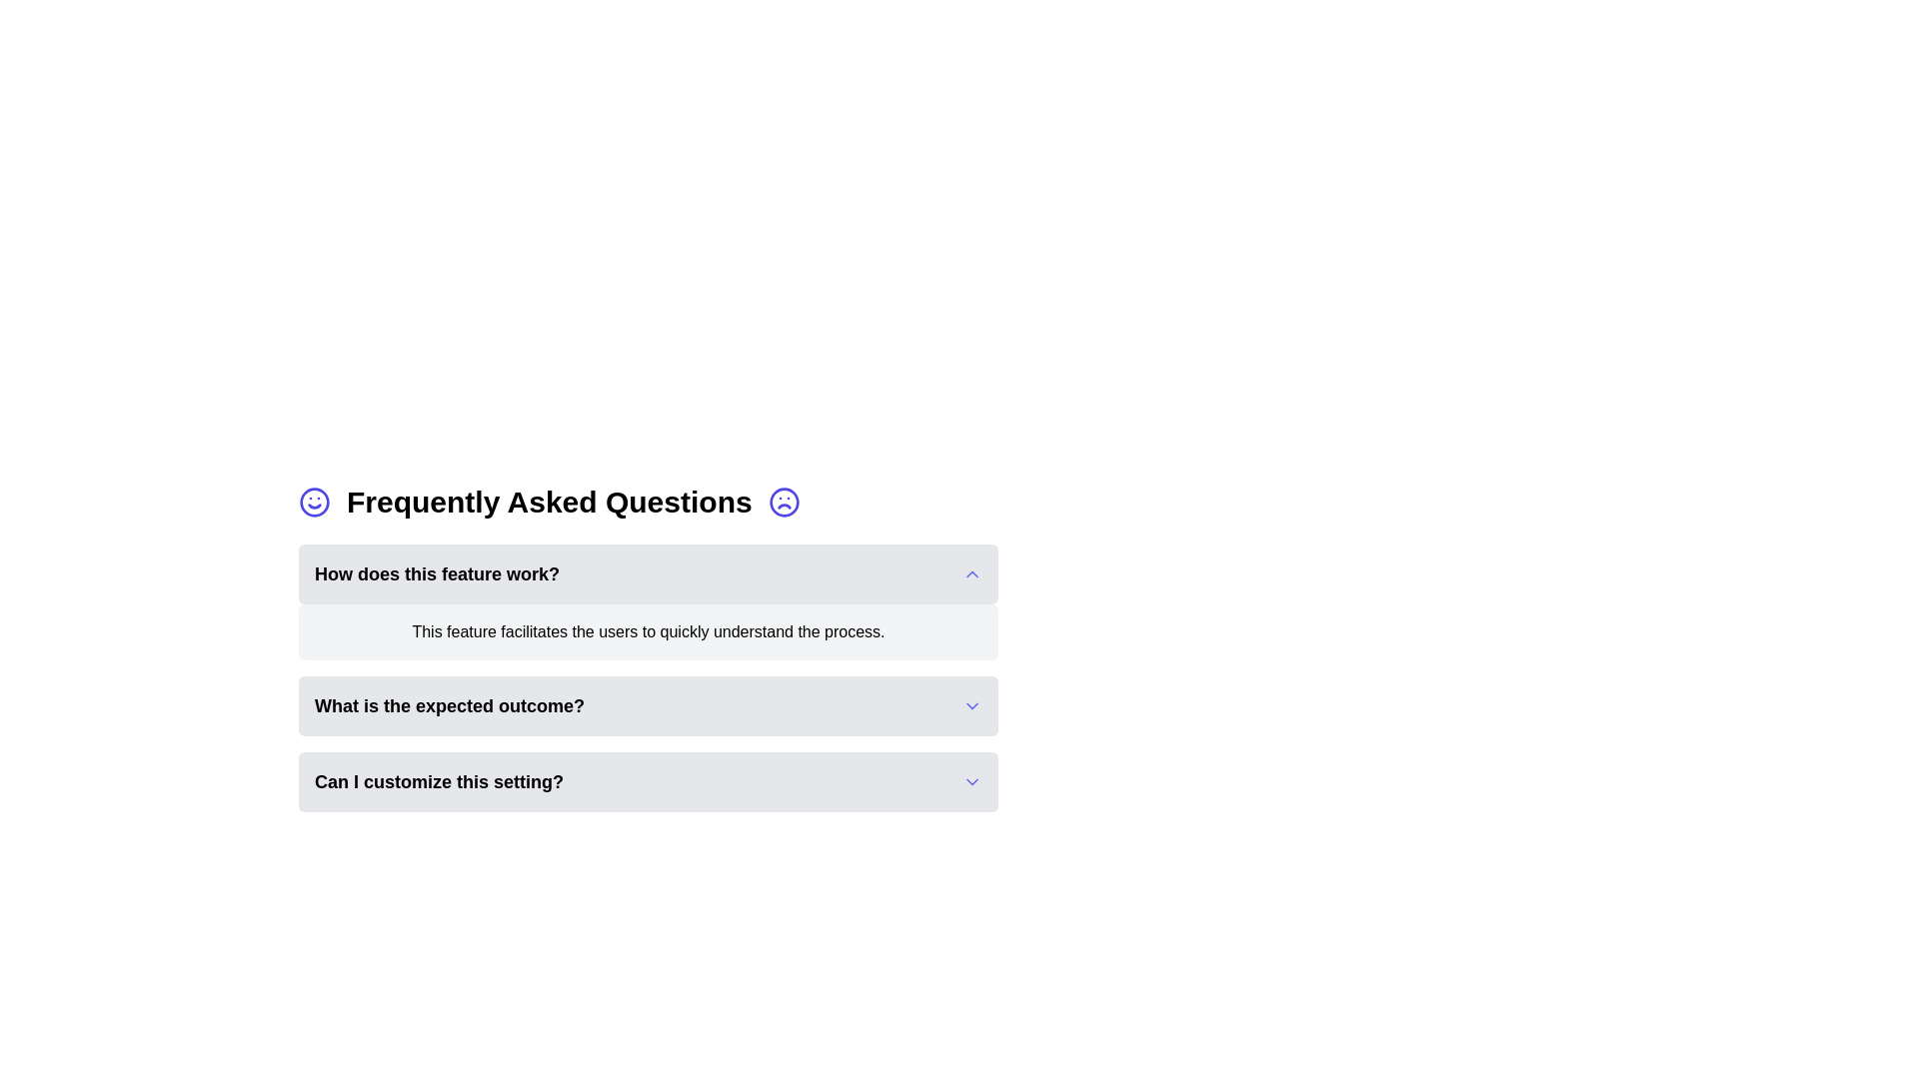 The image size is (1919, 1079). What do you see at coordinates (449, 704) in the screenshot?
I see `the text label displaying 'What is the expected outcome?' which is located in the second collapsible section of the FAQs interface` at bounding box center [449, 704].